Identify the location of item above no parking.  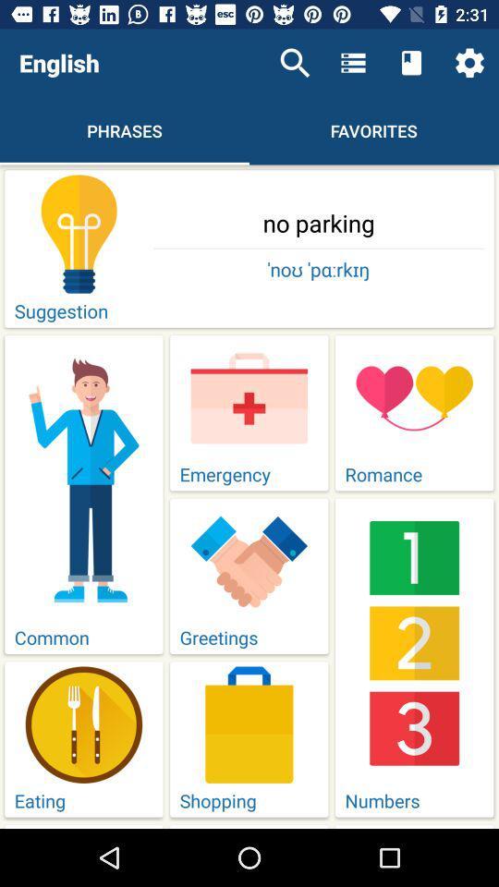
(295, 63).